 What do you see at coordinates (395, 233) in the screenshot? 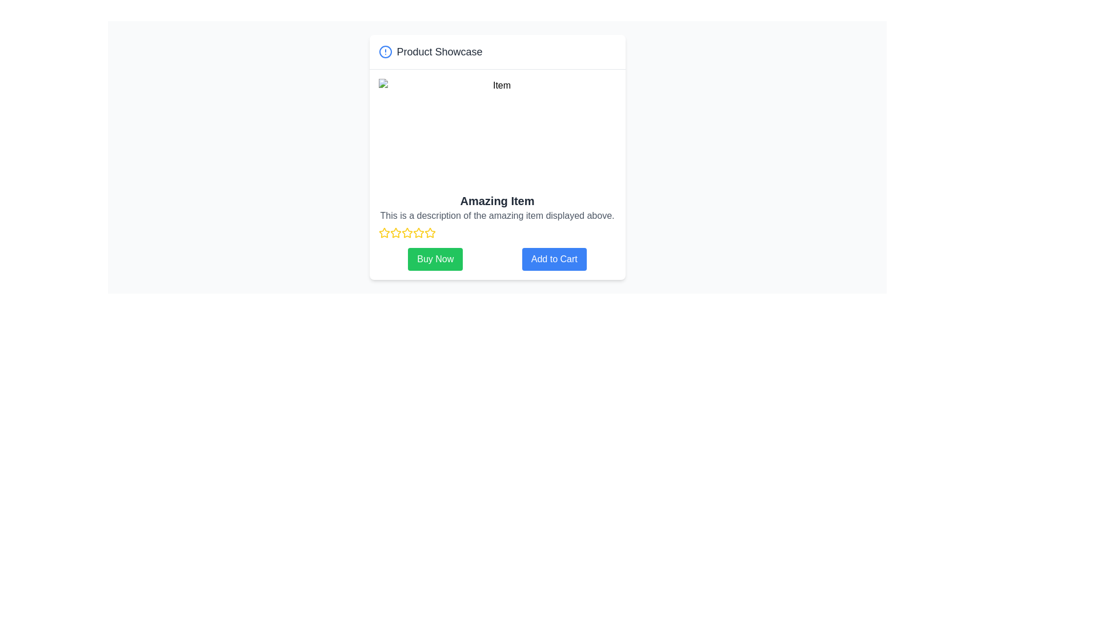
I see `the third rating star icon in the product card` at bounding box center [395, 233].